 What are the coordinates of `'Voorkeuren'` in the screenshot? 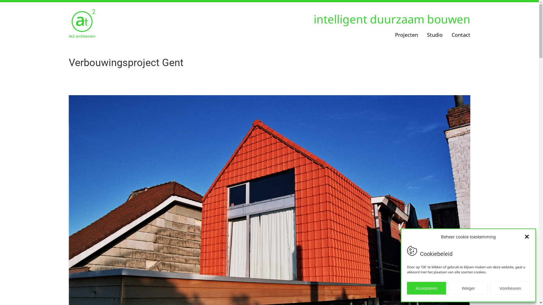 It's located at (510, 288).